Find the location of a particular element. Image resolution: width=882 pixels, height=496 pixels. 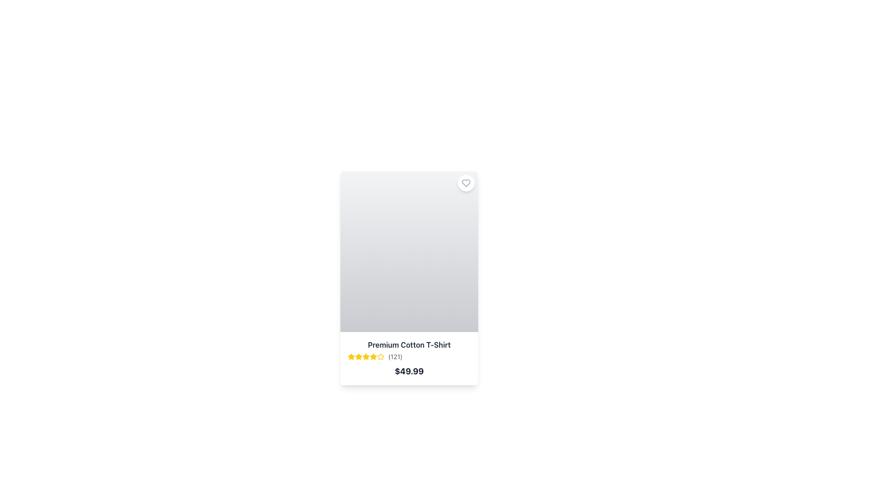

the fourth star-shaped icon in a row of five stars, which is bright yellow and located below the product's title in the card layout is located at coordinates (365, 356).